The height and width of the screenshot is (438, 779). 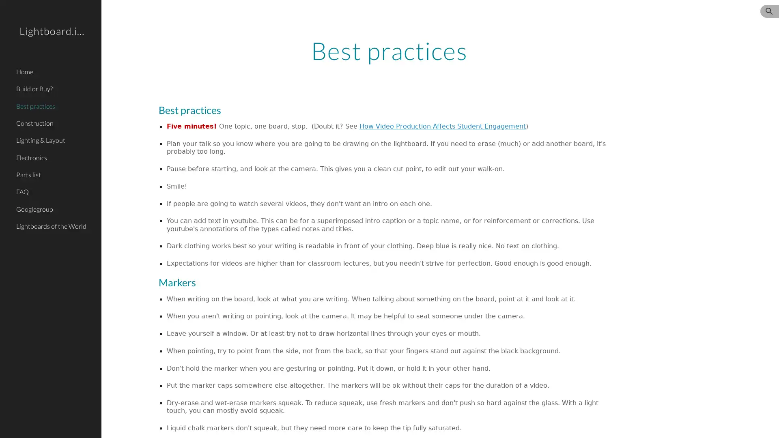 What do you see at coordinates (199, 423) in the screenshot?
I see `Report abuse` at bounding box center [199, 423].